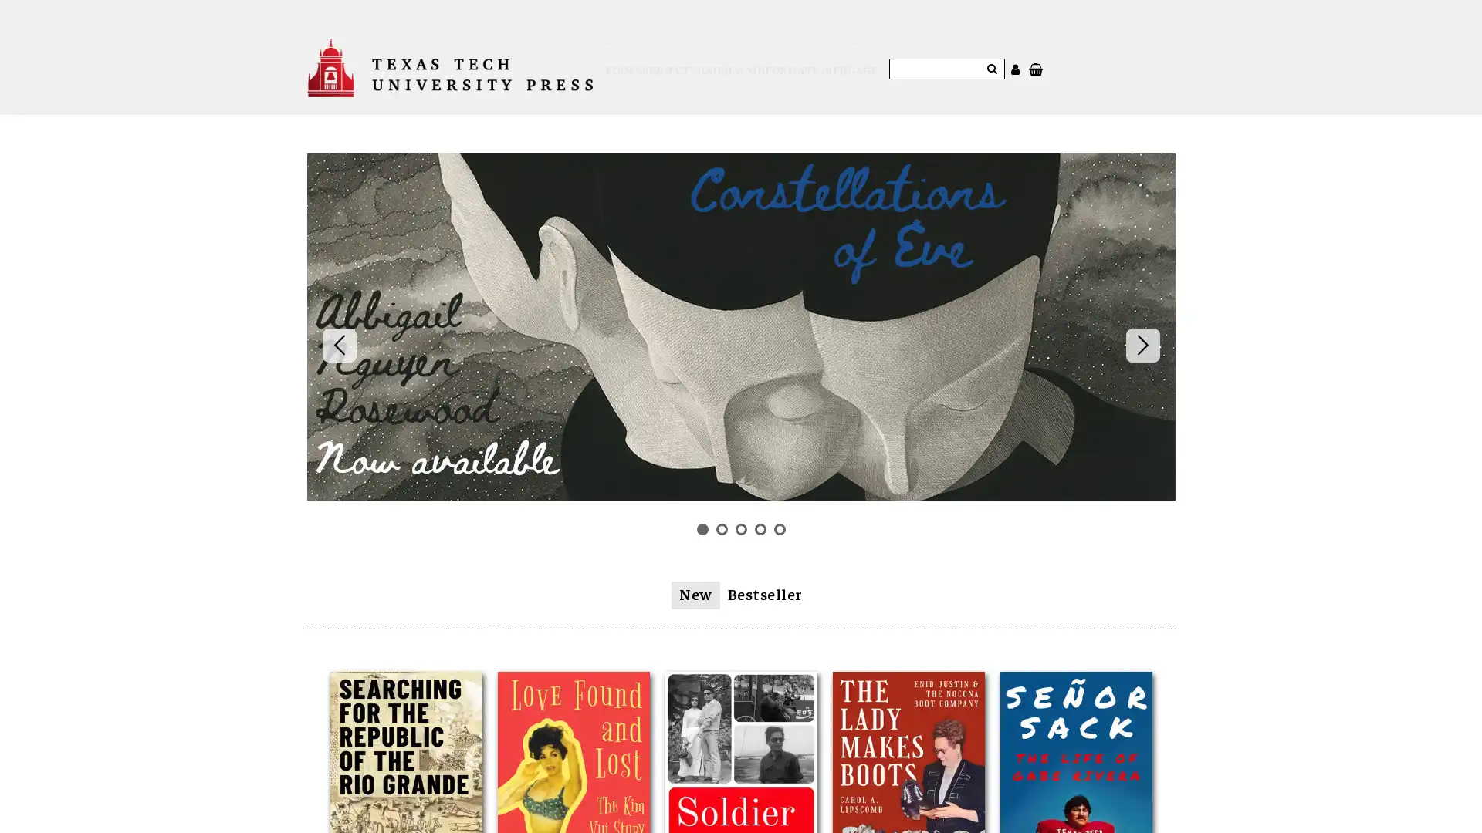  Describe the element at coordinates (337, 326) in the screenshot. I see `Previous` at that location.